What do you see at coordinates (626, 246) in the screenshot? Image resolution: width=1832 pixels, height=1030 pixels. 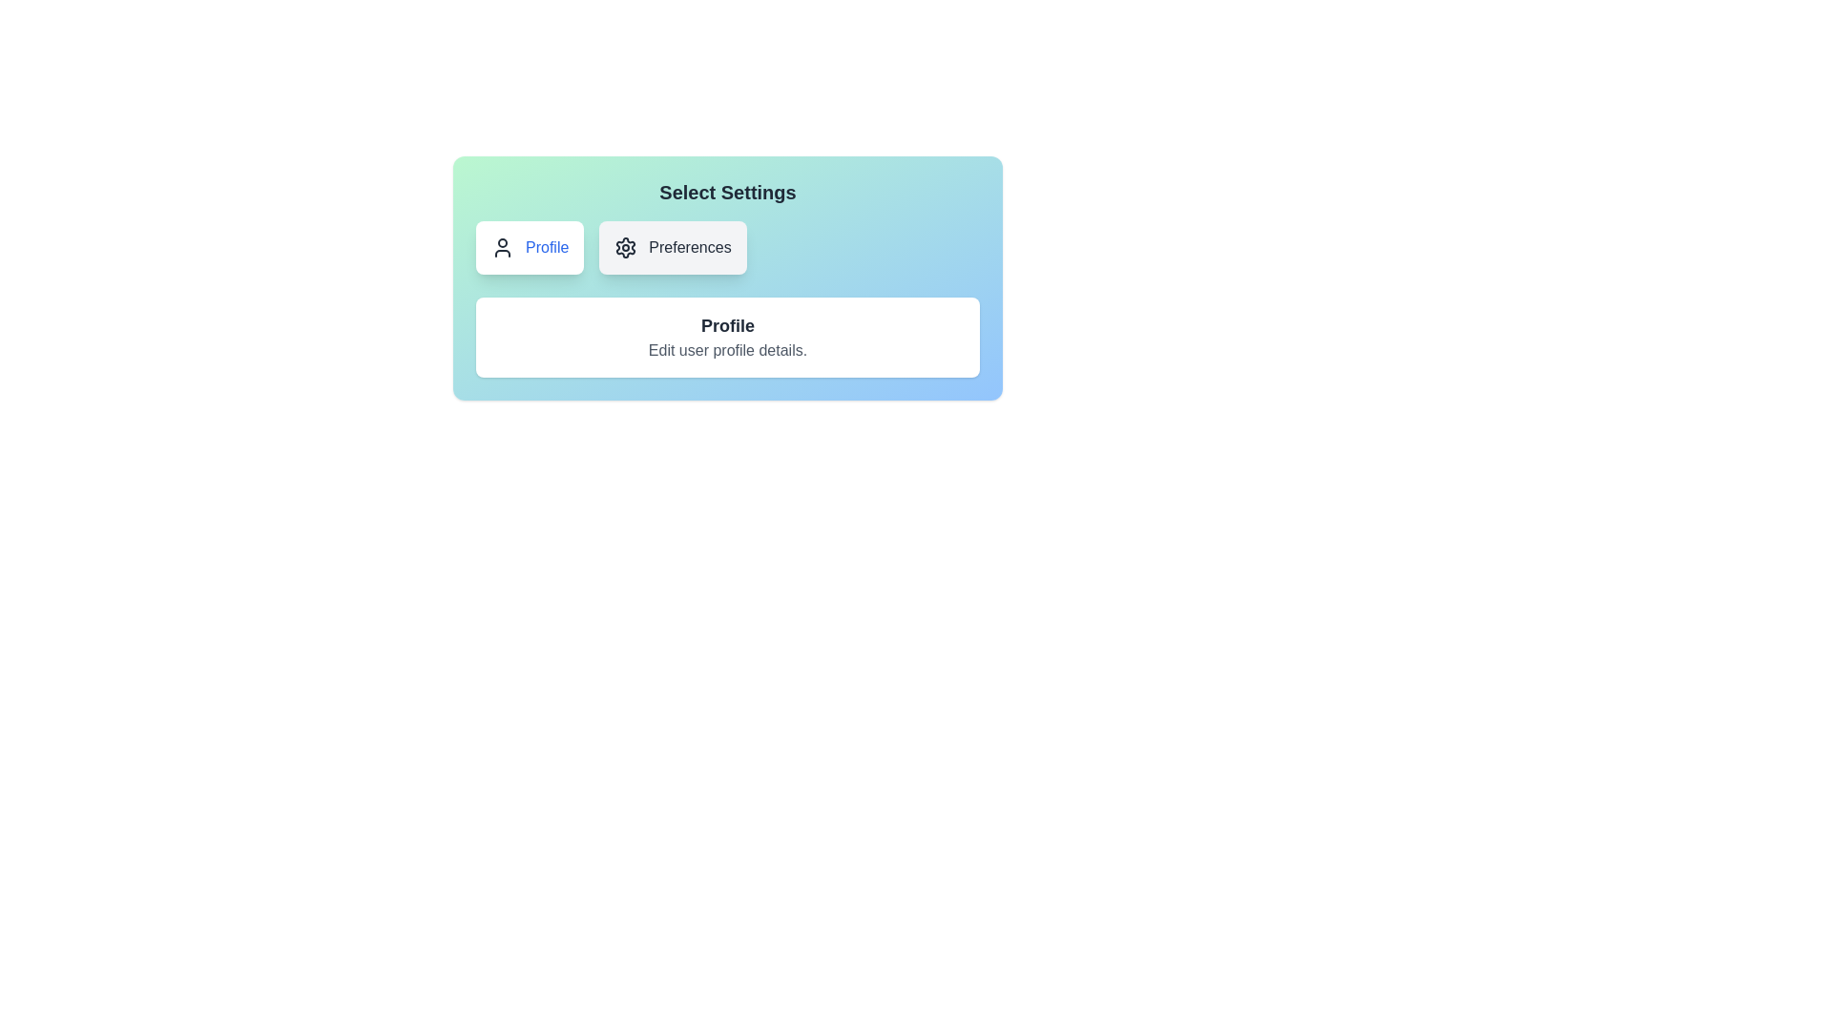 I see `the 'Preferences' icon` at bounding box center [626, 246].